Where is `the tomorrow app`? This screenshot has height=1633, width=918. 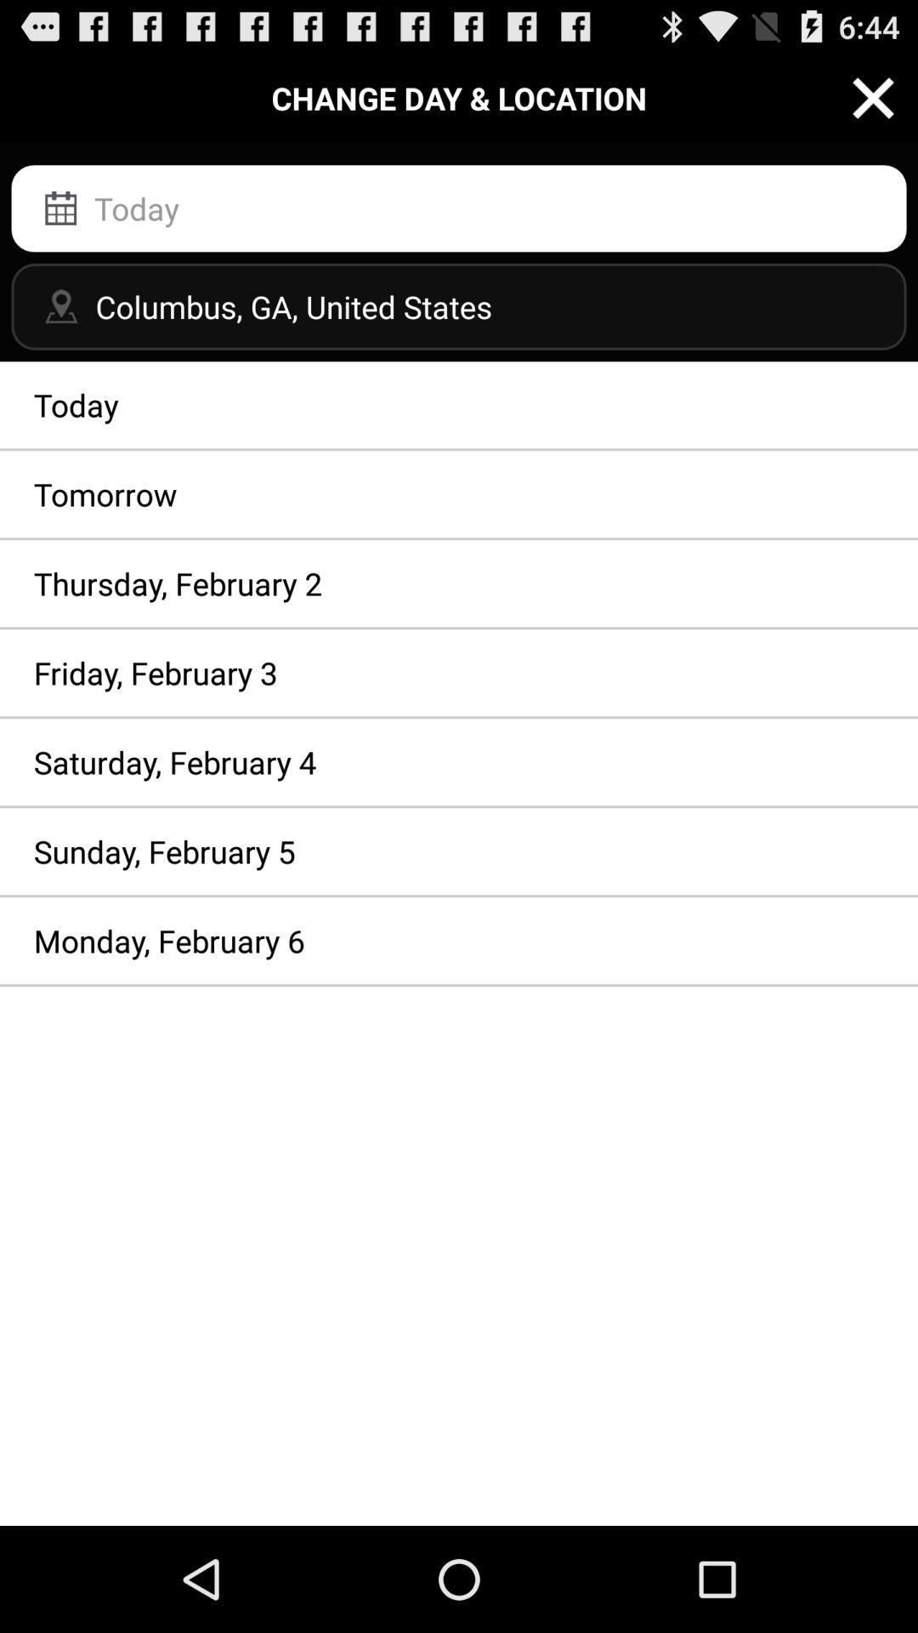
the tomorrow app is located at coordinates (459, 493).